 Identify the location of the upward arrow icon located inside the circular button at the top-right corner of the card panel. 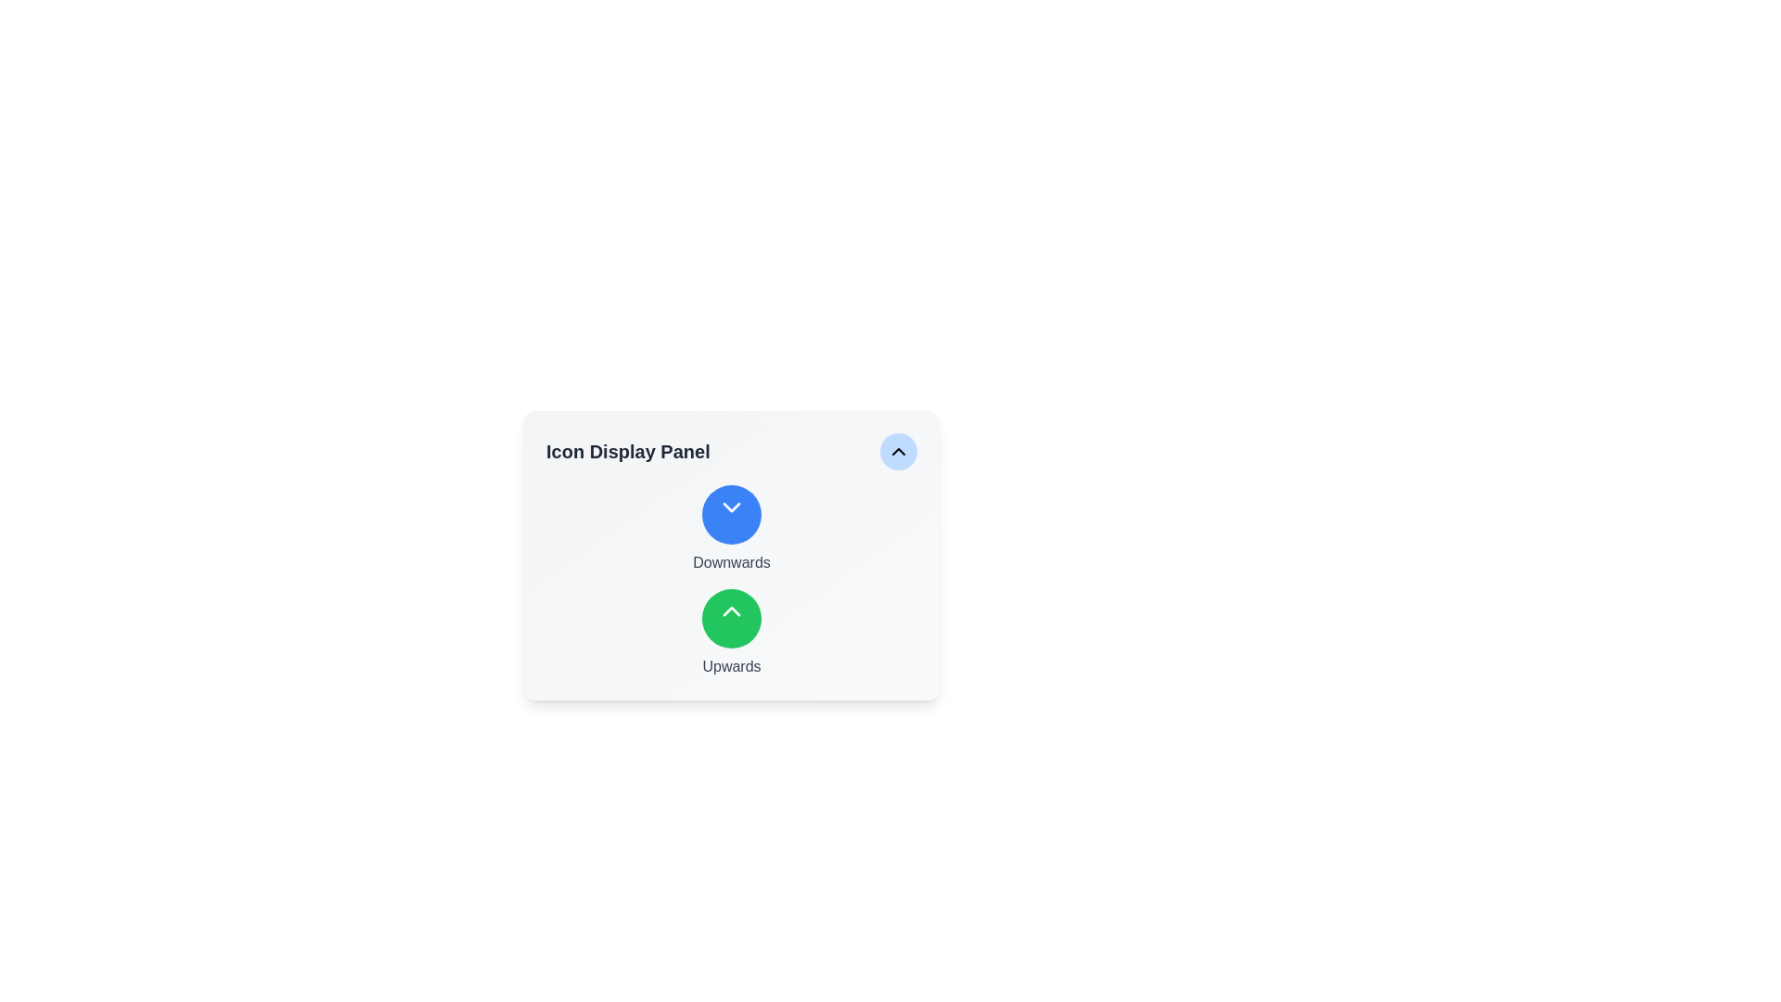
(730, 615).